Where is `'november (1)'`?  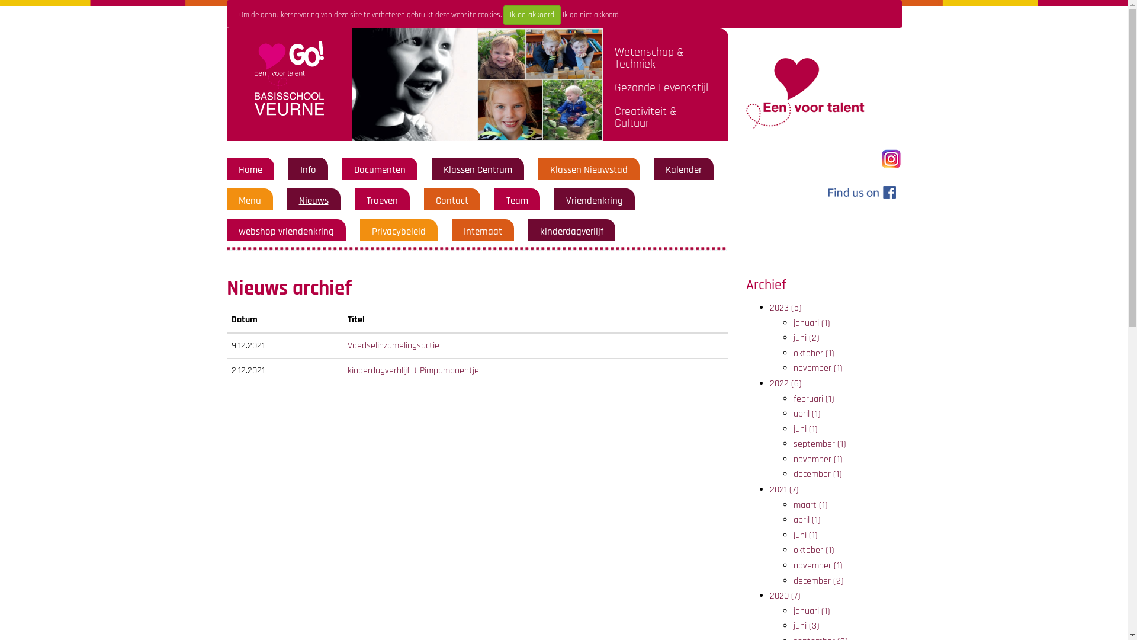 'november (1)' is located at coordinates (817, 565).